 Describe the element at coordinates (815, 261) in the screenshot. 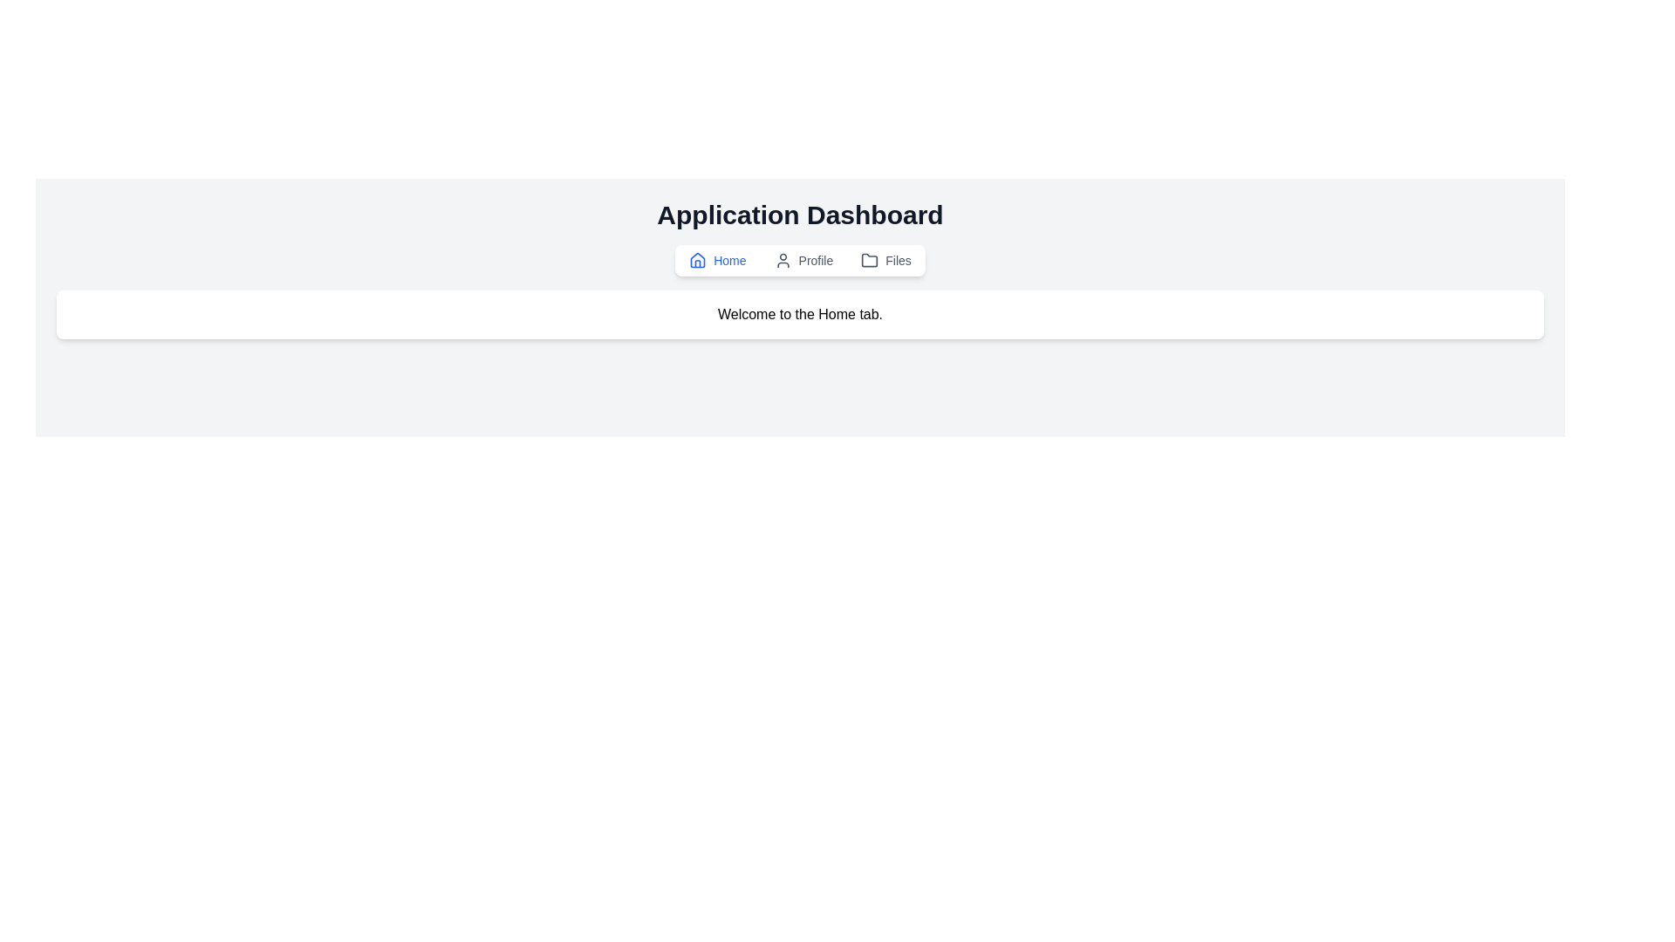

I see `the 'Profile' navigation option in the top navigation bar, which is positioned centrally between 'Home' and 'Files'` at that location.